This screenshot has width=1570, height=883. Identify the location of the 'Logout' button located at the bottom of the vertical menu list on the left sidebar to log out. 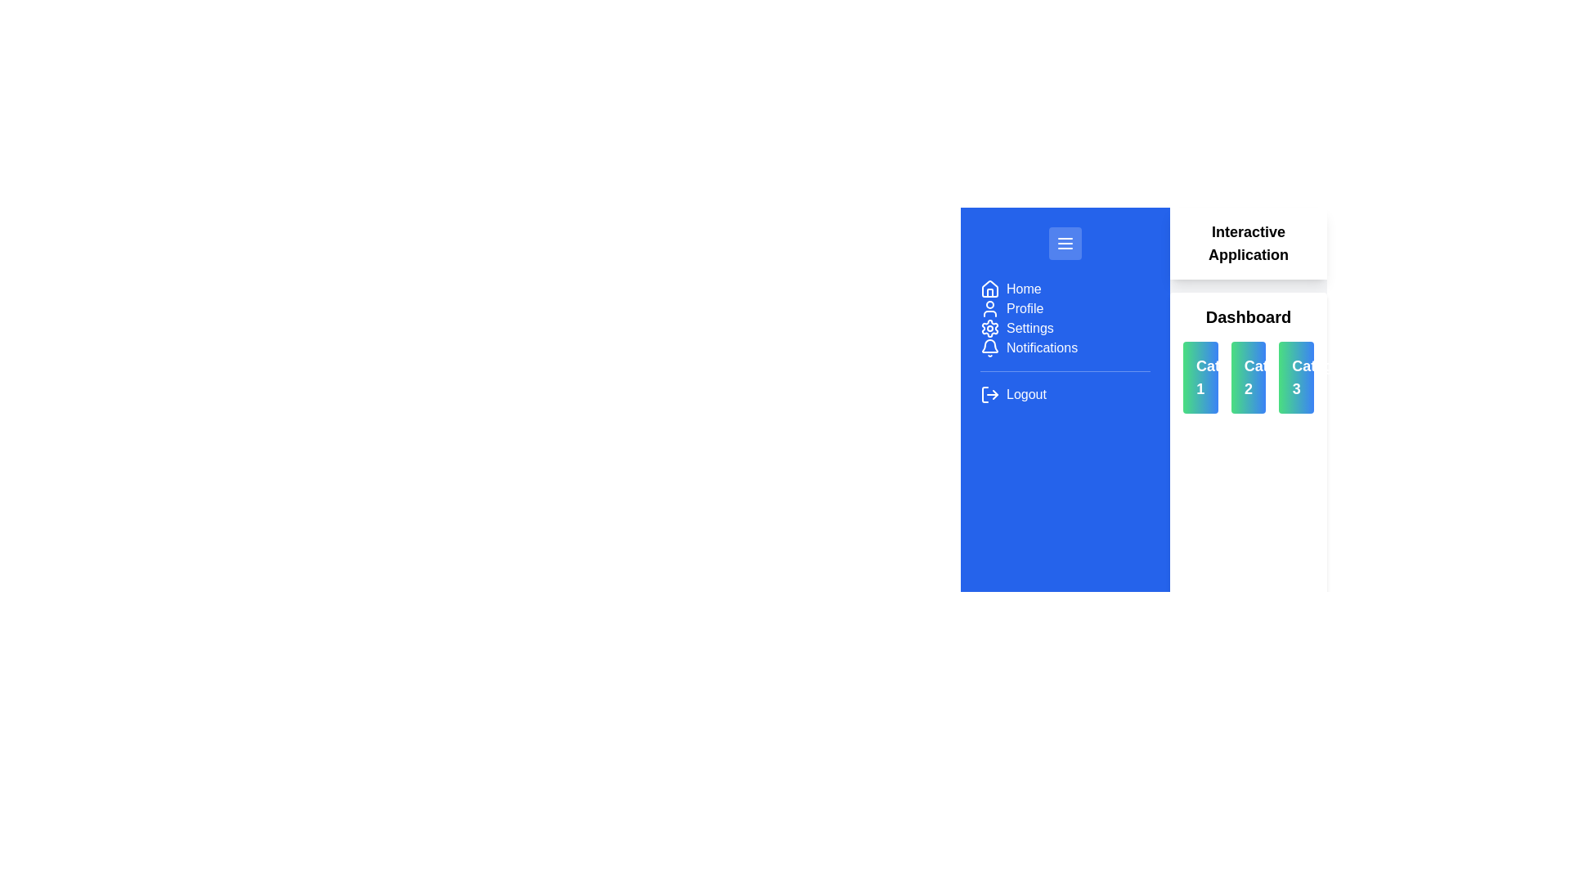
(1065, 394).